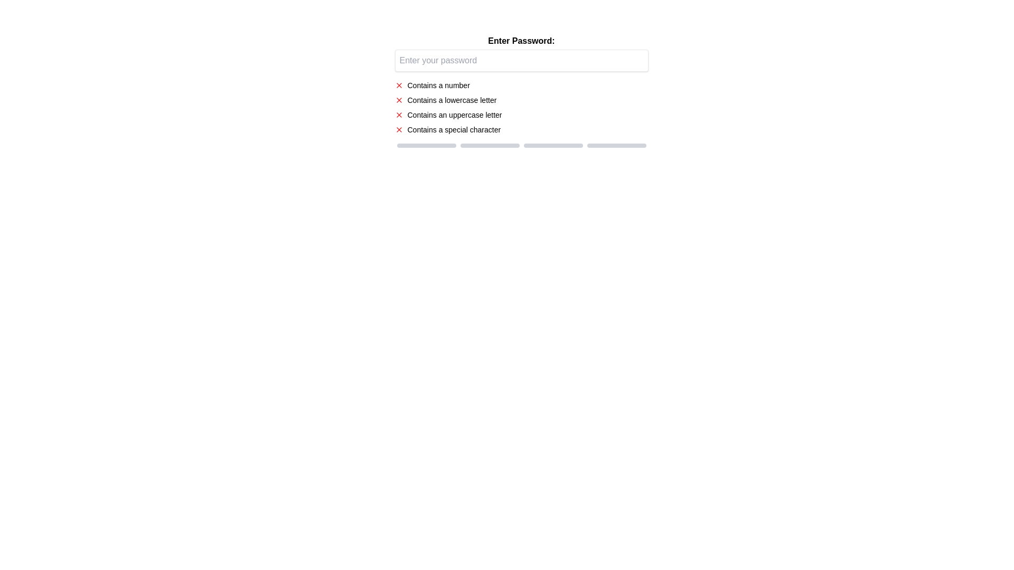 The image size is (1014, 570). Describe the element at coordinates (454, 129) in the screenshot. I see `the text label displaying 'Contains a special character', which is the fourth item in a vertical list of validation messages, positioned below the message 'Contains an uppercase letter'` at that location.